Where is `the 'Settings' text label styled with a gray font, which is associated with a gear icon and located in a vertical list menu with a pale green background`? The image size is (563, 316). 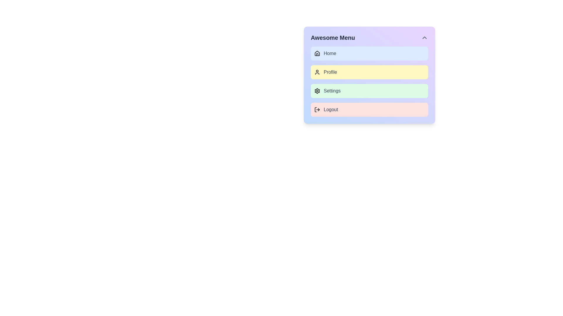
the 'Settings' text label styled with a gray font, which is associated with a gear icon and located in a vertical list menu with a pale green background is located at coordinates (332, 91).